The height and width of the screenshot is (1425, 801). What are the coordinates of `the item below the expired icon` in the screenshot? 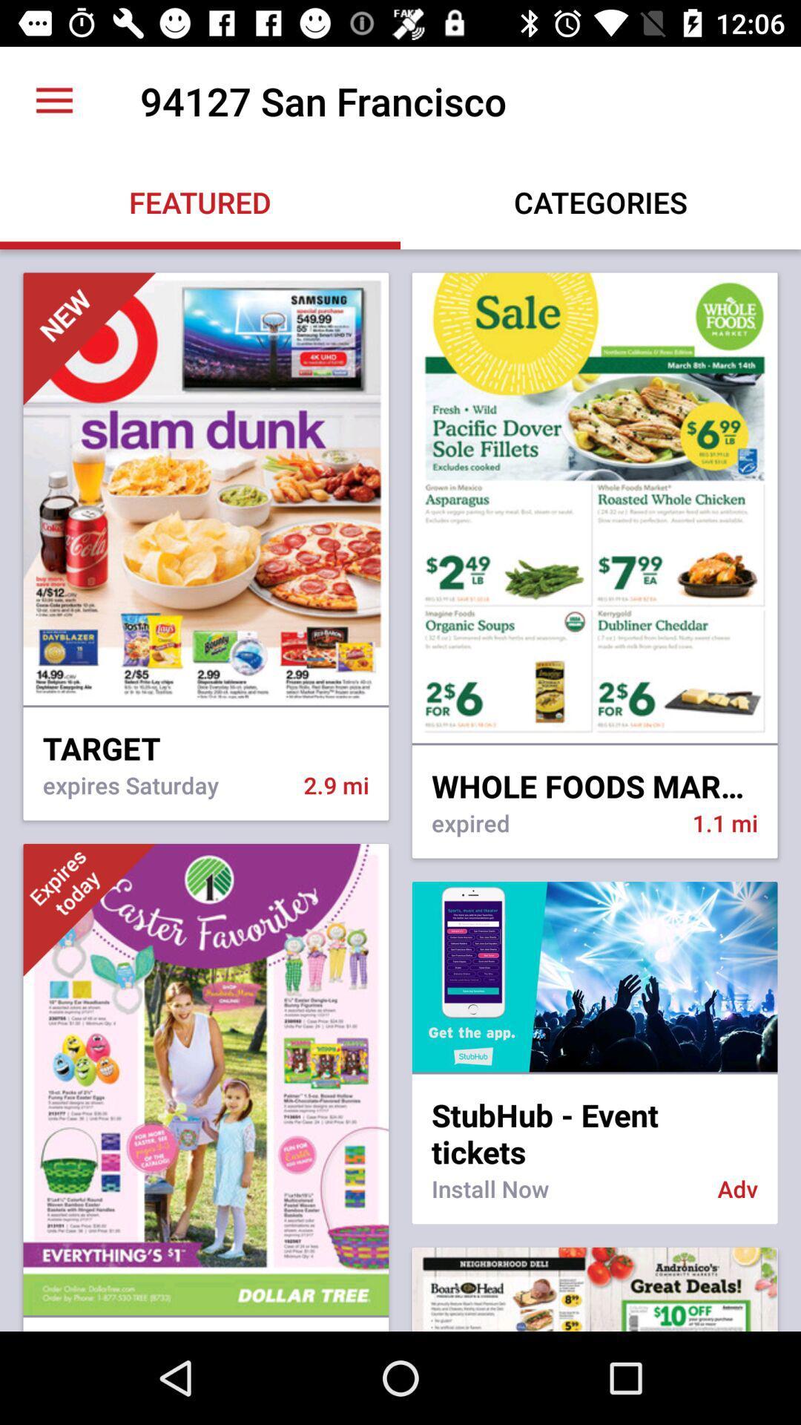 It's located at (594, 977).